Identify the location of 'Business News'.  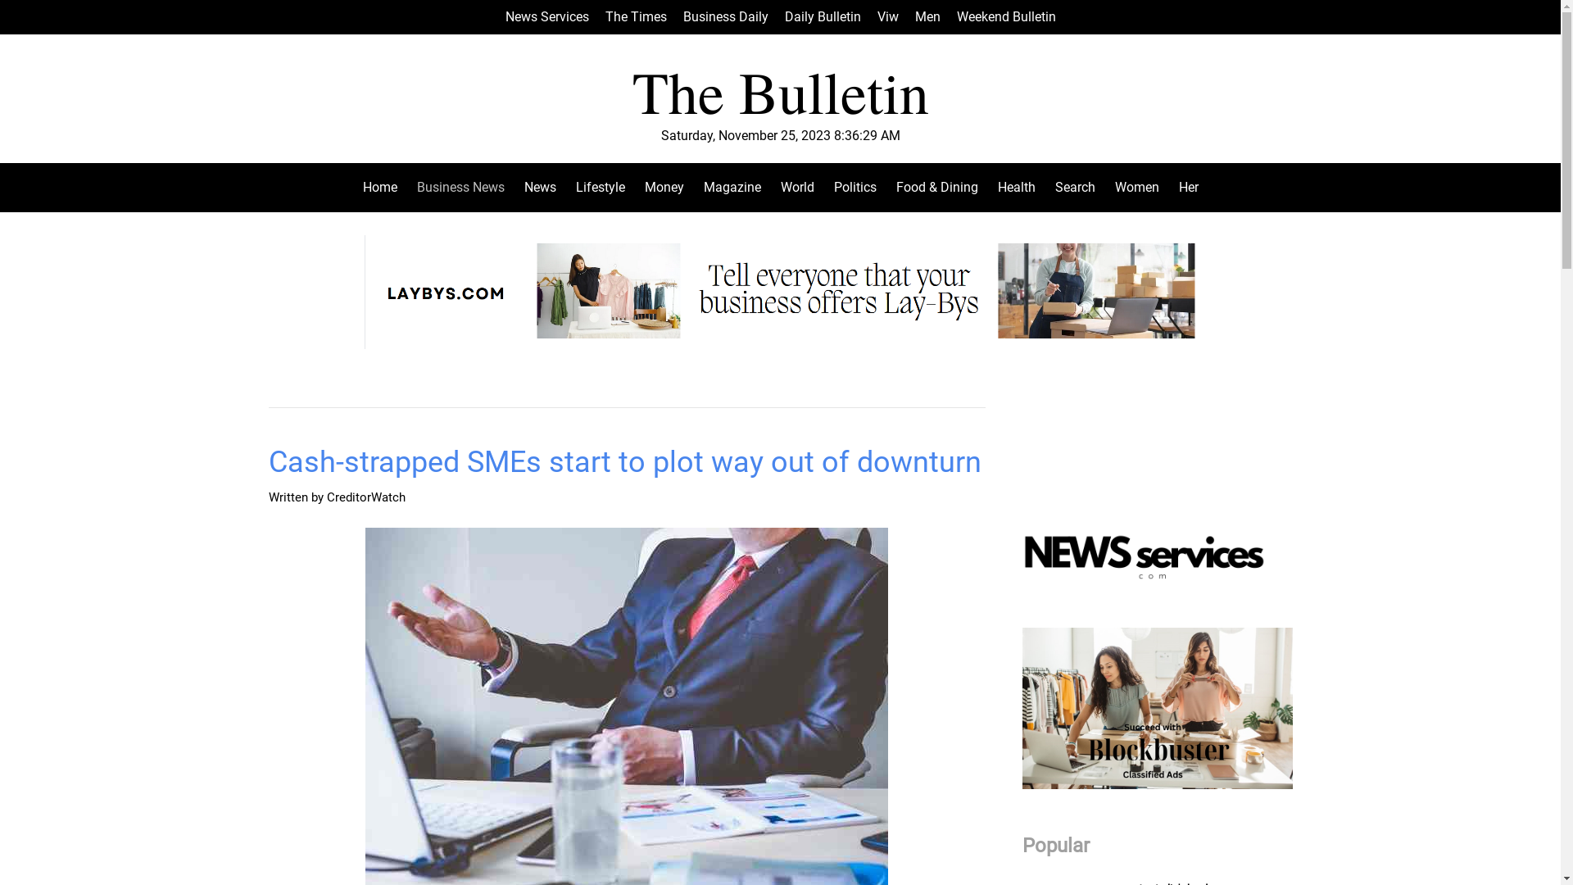
(406, 186).